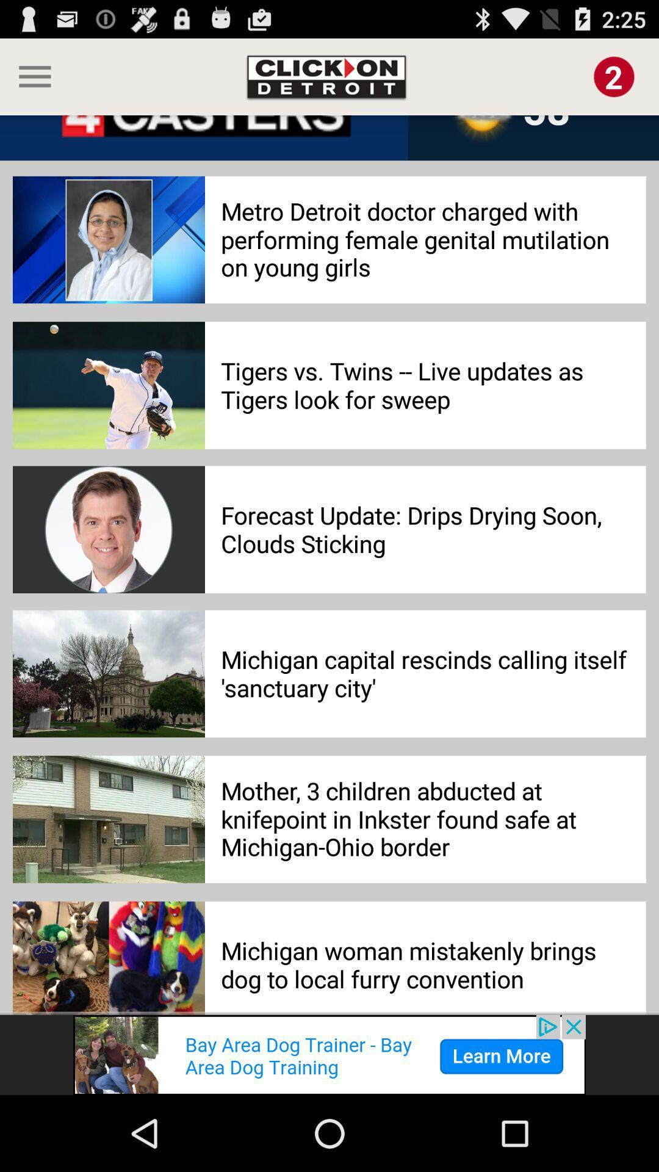  What do you see at coordinates (614, 76) in the screenshot?
I see `the number next to the title` at bounding box center [614, 76].